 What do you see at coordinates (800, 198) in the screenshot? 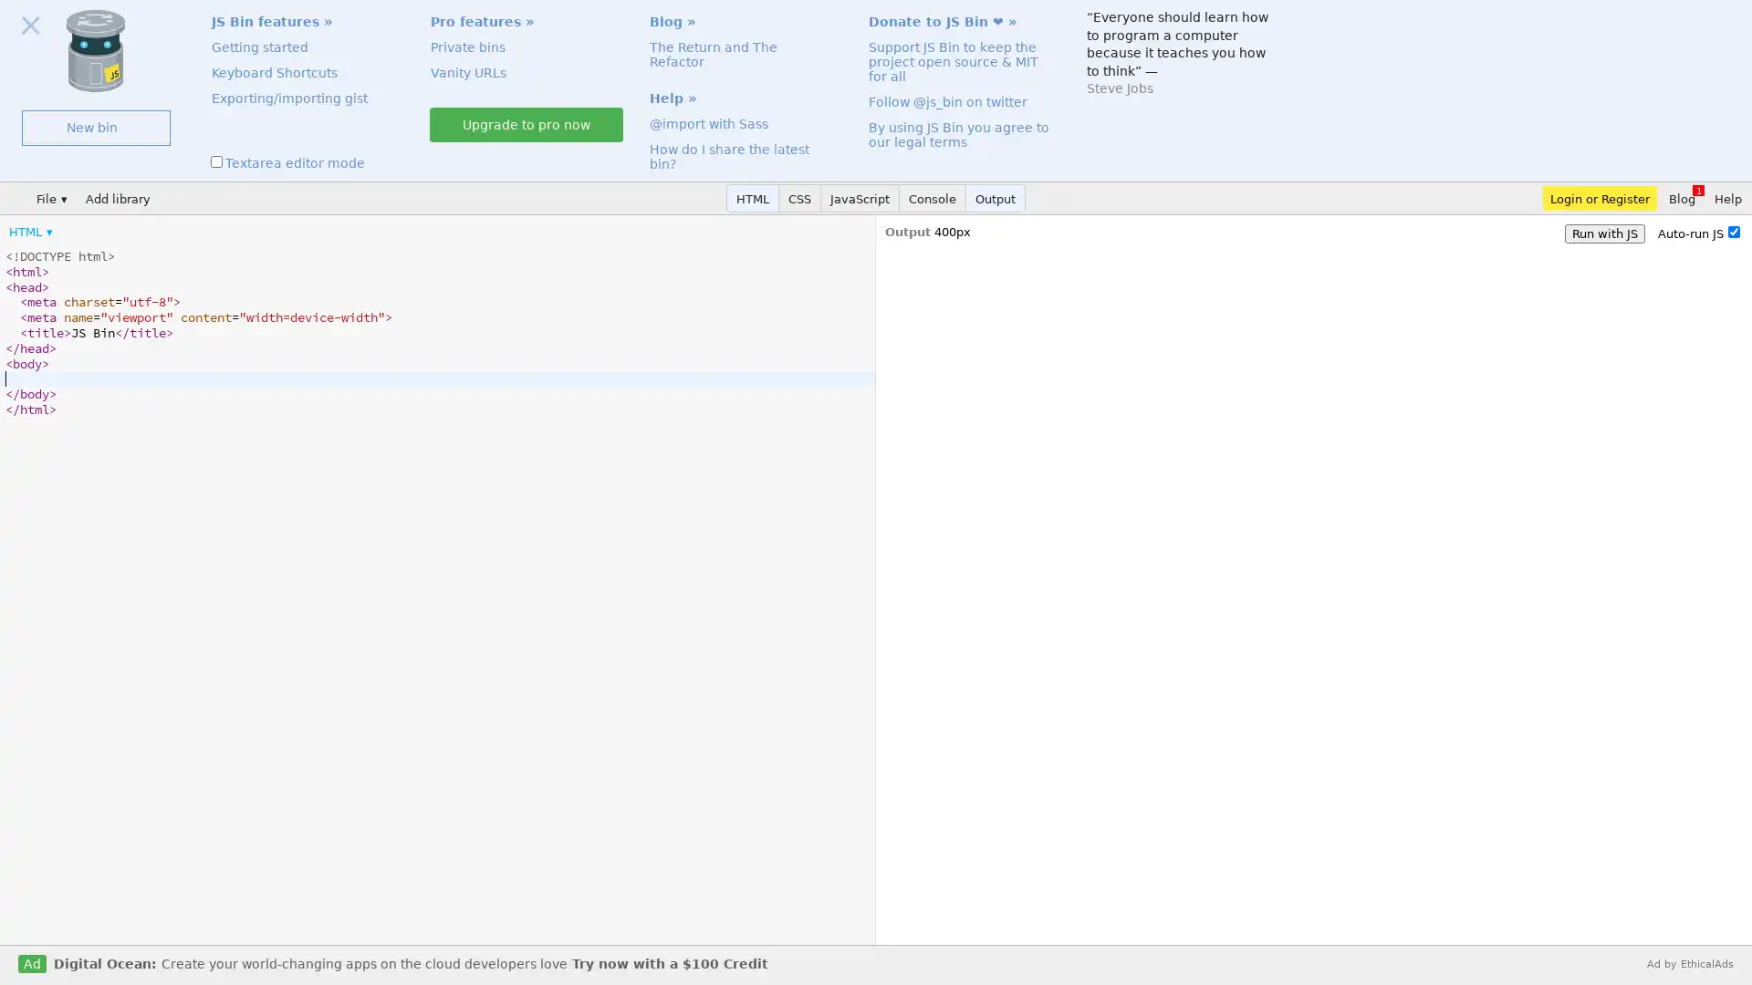
I see `CSS Panel: Inactive` at bounding box center [800, 198].